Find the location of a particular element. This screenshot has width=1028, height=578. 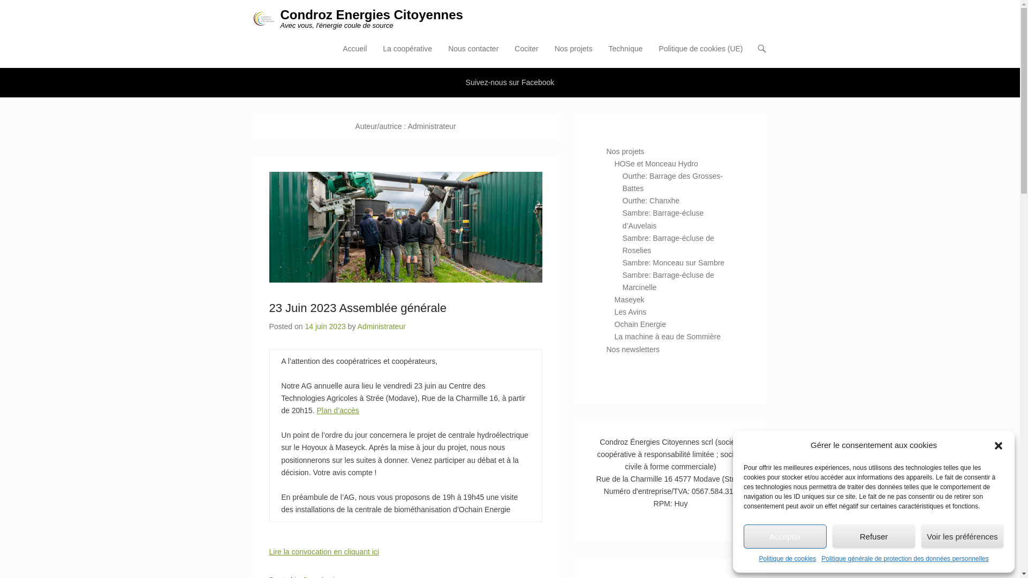

'Maseyek' is located at coordinates (630, 299).